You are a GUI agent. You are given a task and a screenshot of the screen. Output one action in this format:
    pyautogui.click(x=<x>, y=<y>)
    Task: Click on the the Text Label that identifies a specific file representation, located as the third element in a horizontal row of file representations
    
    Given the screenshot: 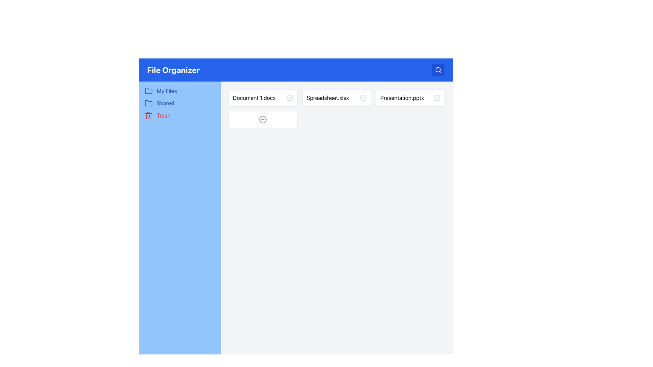 What is the action you would take?
    pyautogui.click(x=402, y=98)
    